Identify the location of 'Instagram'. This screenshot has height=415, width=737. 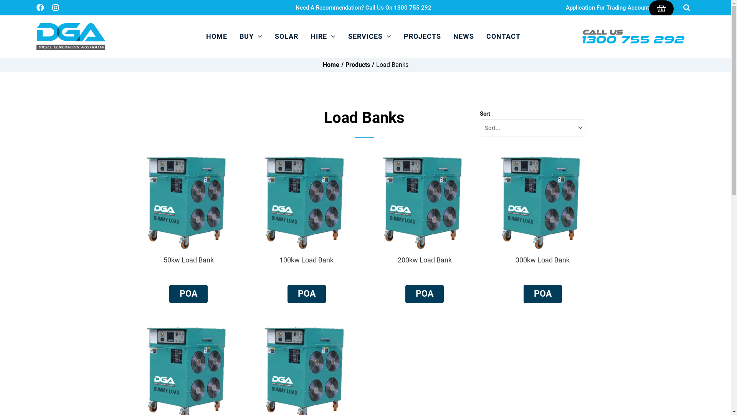
(55, 7).